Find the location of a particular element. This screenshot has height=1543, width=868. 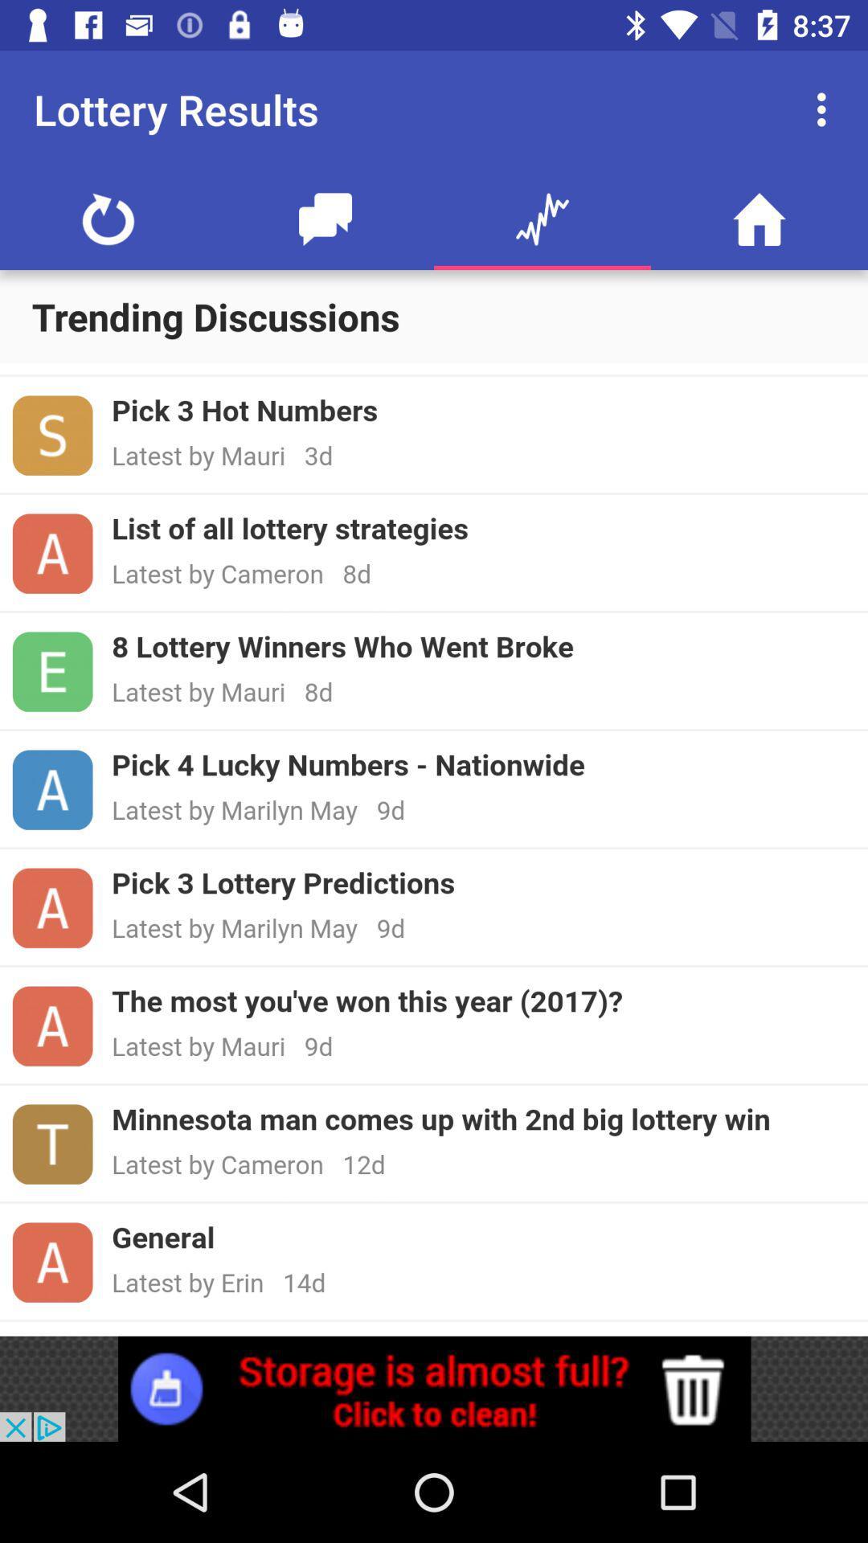

click advertisement is located at coordinates (434, 1388).